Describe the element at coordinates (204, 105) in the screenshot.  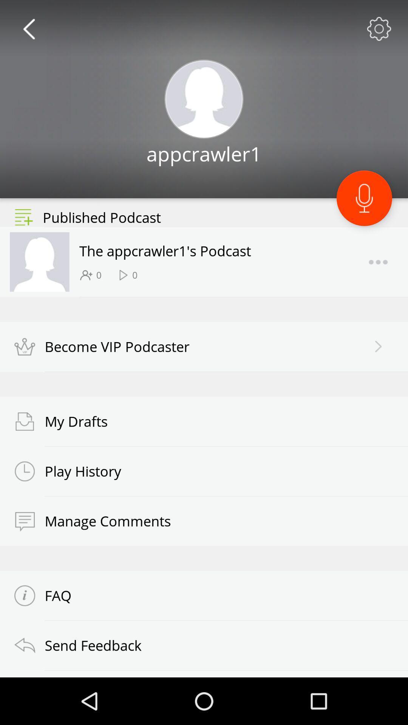
I see `the avatar icon` at that location.